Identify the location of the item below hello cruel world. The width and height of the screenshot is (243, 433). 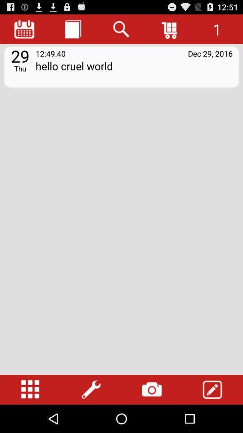
(212, 389).